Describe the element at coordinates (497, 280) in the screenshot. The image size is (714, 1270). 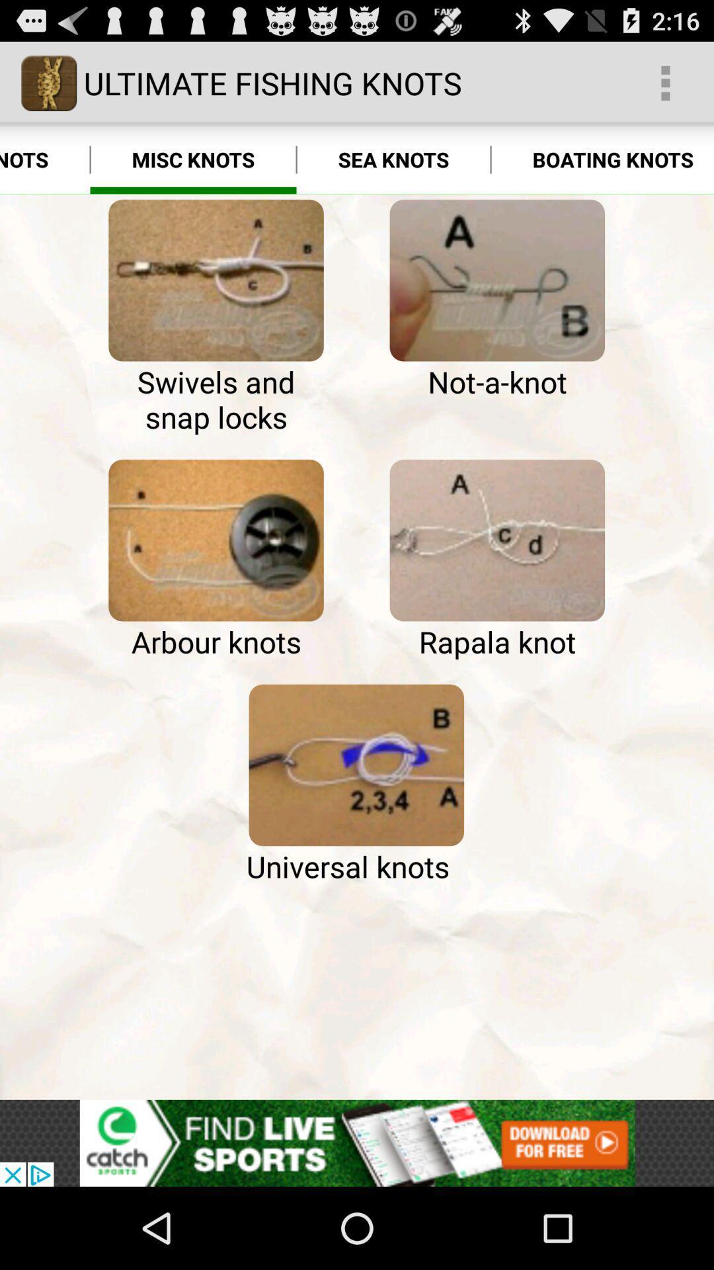
I see `learn not-a-knot` at that location.